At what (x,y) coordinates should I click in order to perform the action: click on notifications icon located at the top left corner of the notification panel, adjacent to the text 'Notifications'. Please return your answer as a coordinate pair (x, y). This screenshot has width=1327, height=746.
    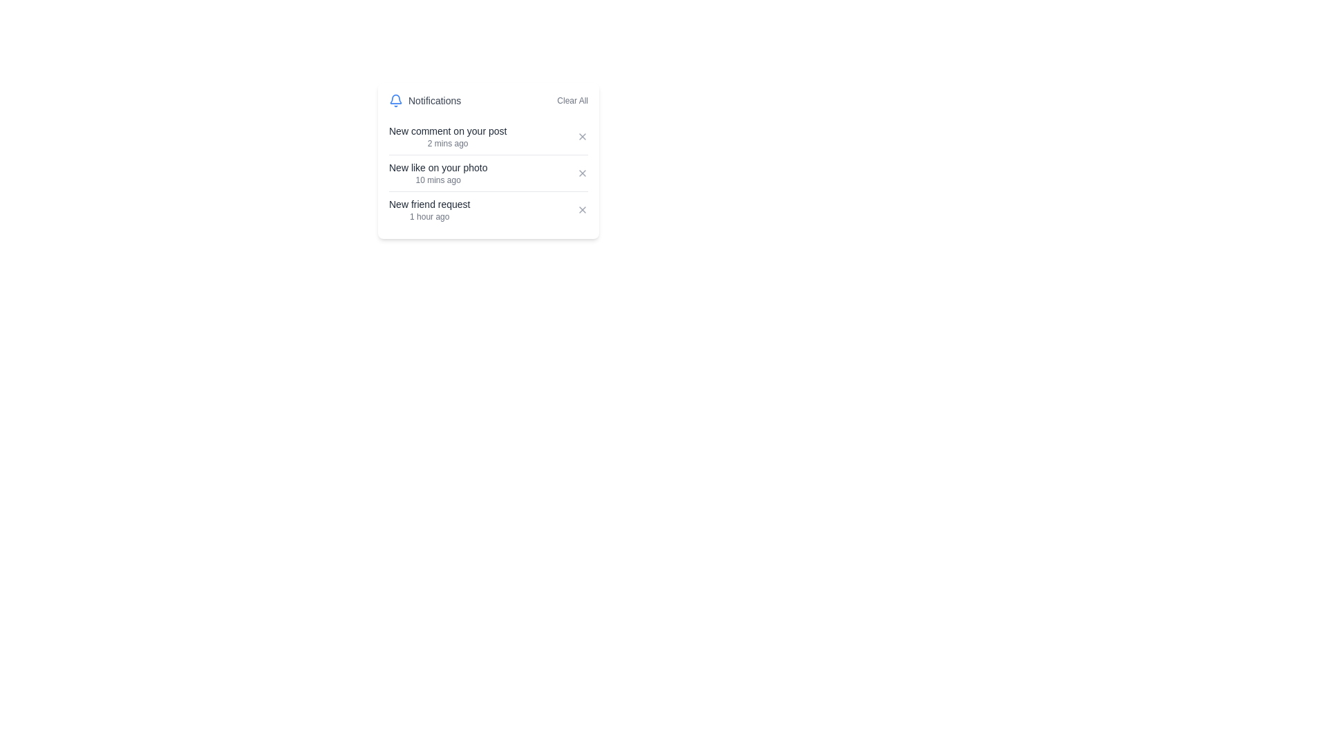
    Looking at the image, I should click on (395, 98).